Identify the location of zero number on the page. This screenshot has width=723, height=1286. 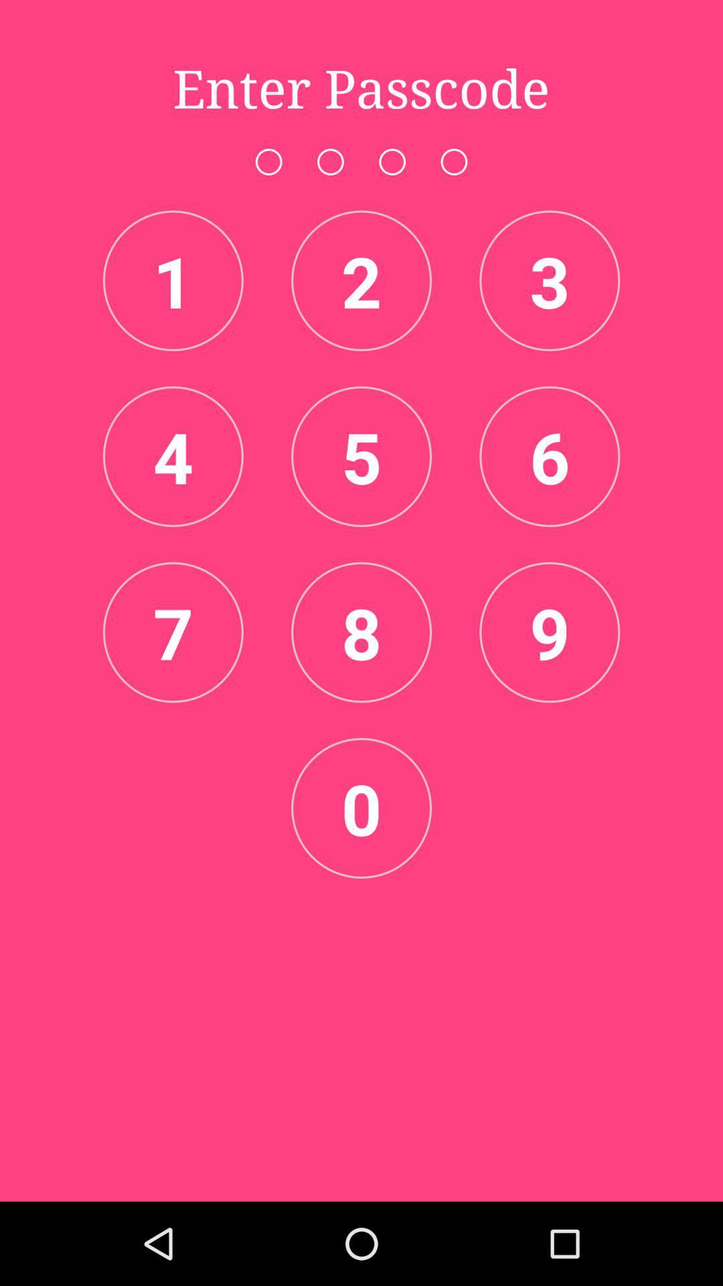
(361, 807).